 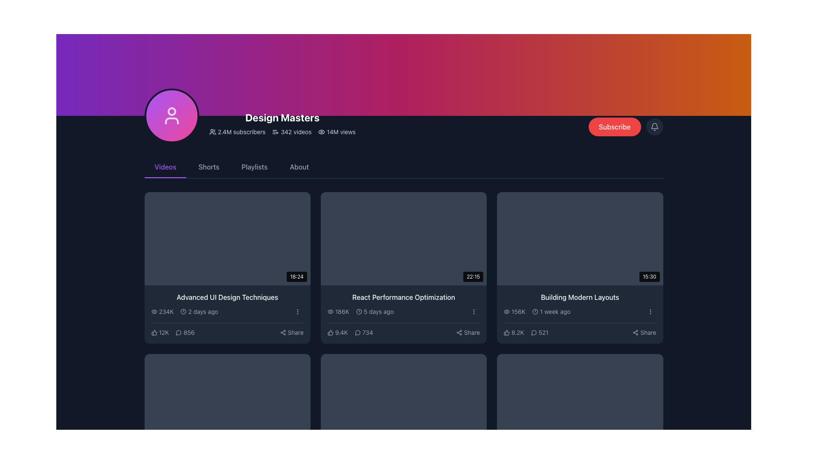 What do you see at coordinates (507, 312) in the screenshot?
I see `the eye icon that symbolizes the number of views for the video titled 'Building Modern Layouts', located to the left of the text '156K'` at bounding box center [507, 312].